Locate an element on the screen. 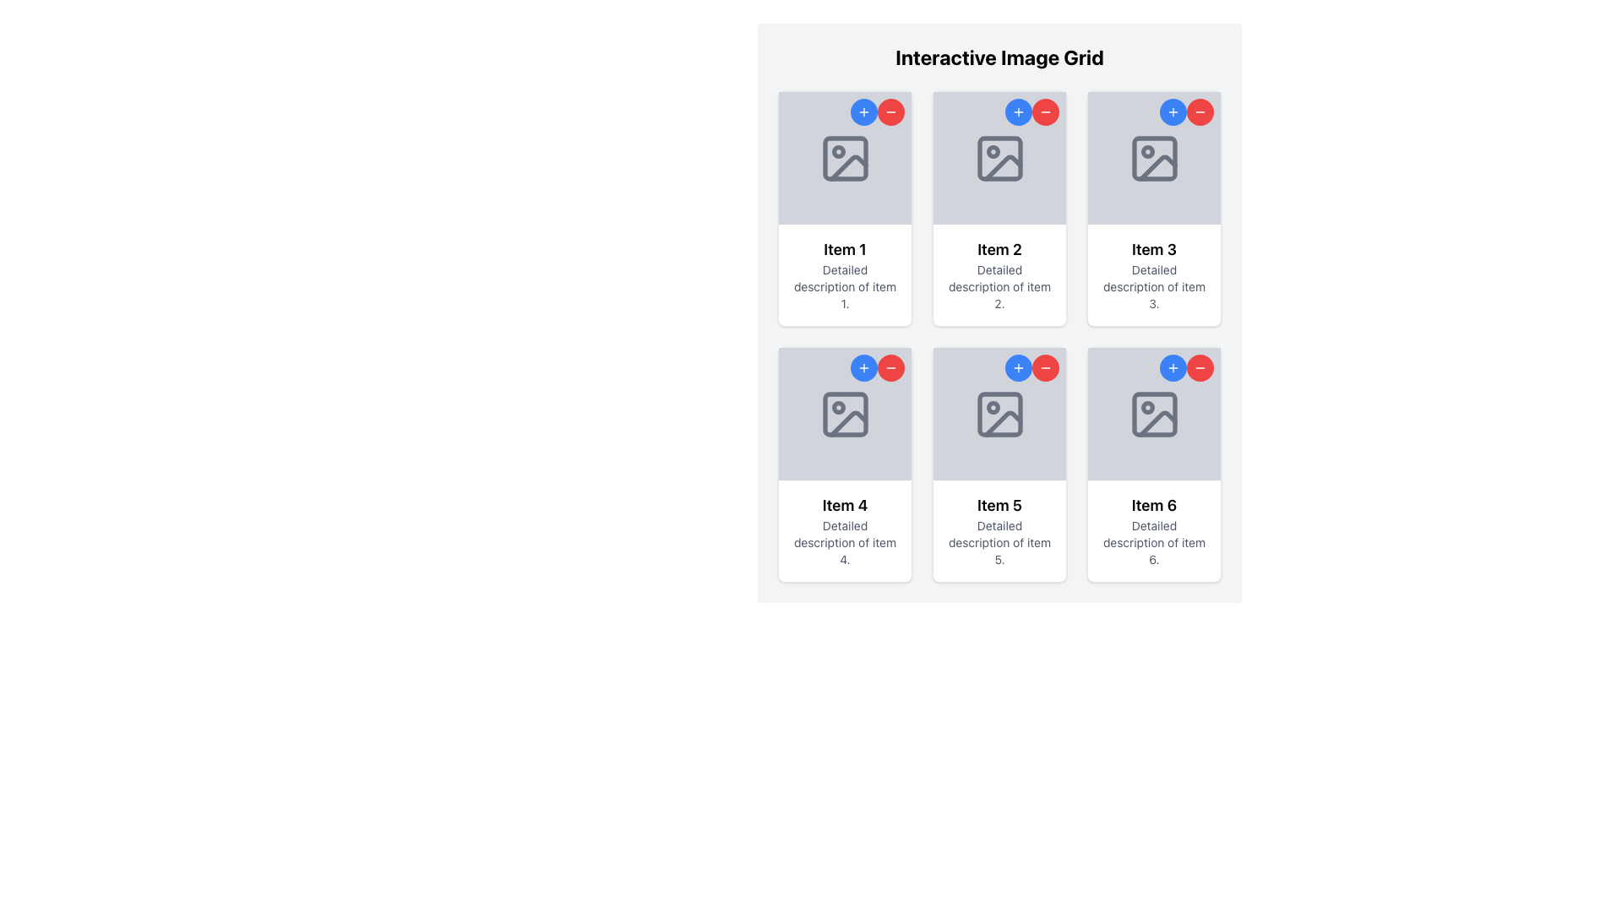 This screenshot has width=1622, height=912. the blue '+' button located in the upper-right corner of the 'Item 3' card, positioned above the image thumbnail and description text is located at coordinates (1186, 111).